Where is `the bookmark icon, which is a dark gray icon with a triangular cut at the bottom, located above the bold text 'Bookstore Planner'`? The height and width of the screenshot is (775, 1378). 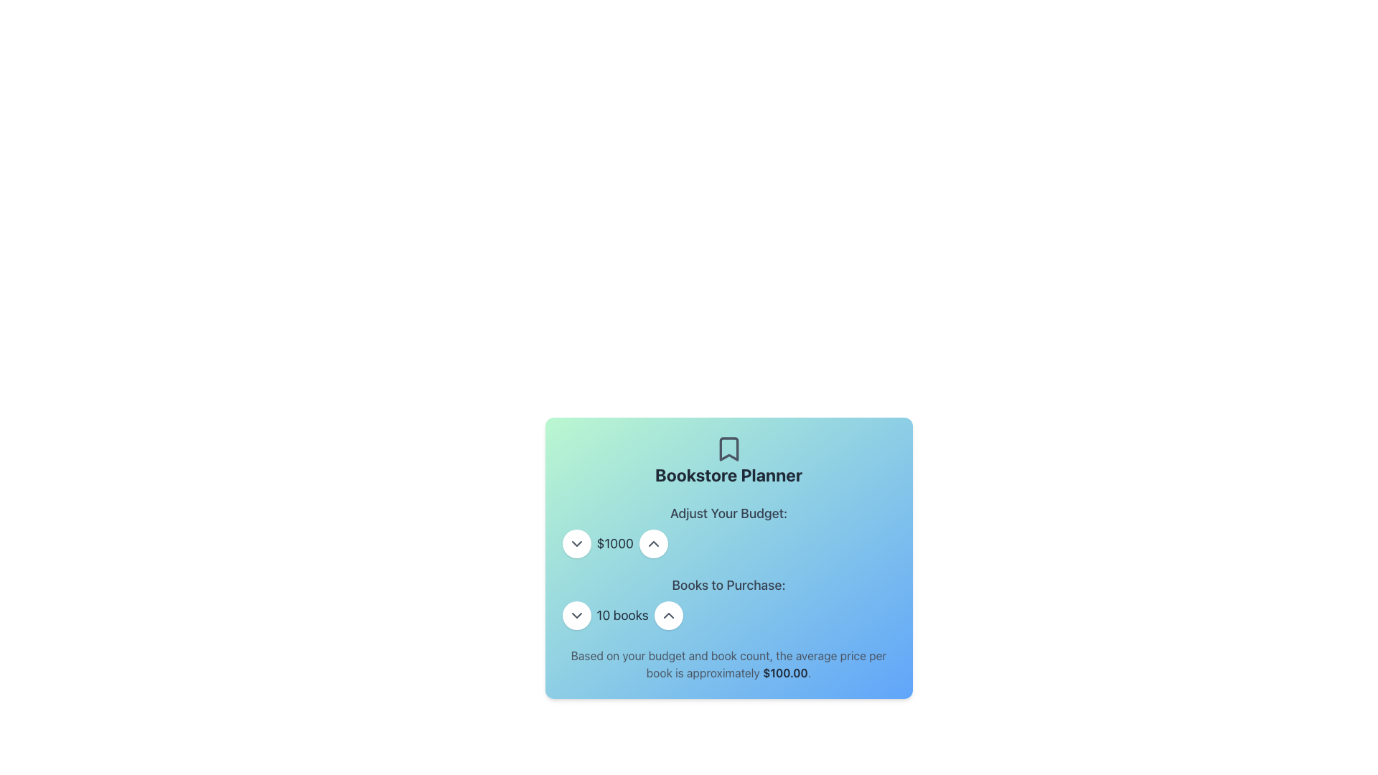
the bookmark icon, which is a dark gray icon with a triangular cut at the bottom, located above the bold text 'Bookstore Planner' is located at coordinates (728, 448).